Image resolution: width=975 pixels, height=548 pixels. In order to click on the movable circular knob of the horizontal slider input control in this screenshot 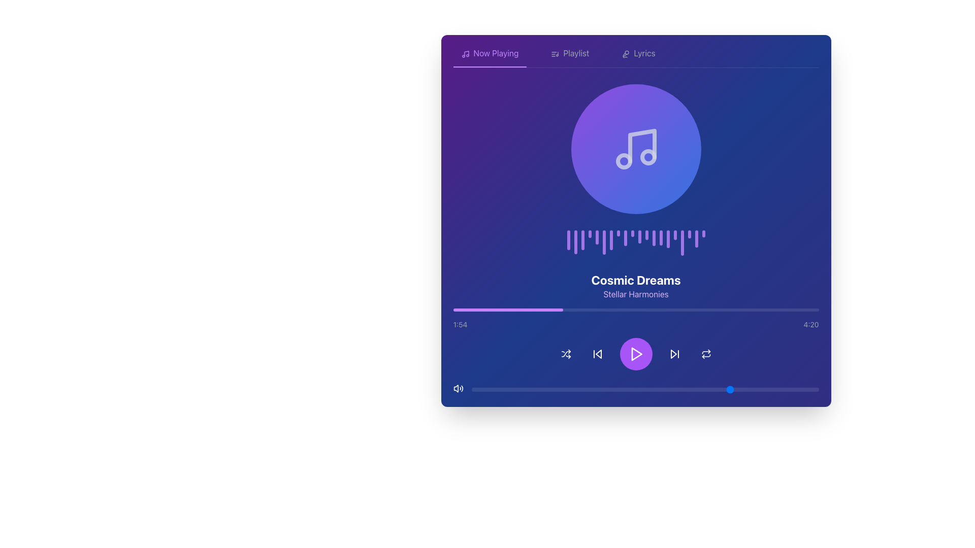, I will do `click(644, 388)`.